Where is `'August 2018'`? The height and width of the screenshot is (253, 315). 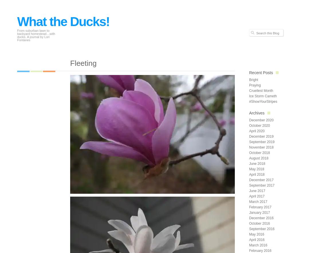
'August 2018' is located at coordinates (249, 158).